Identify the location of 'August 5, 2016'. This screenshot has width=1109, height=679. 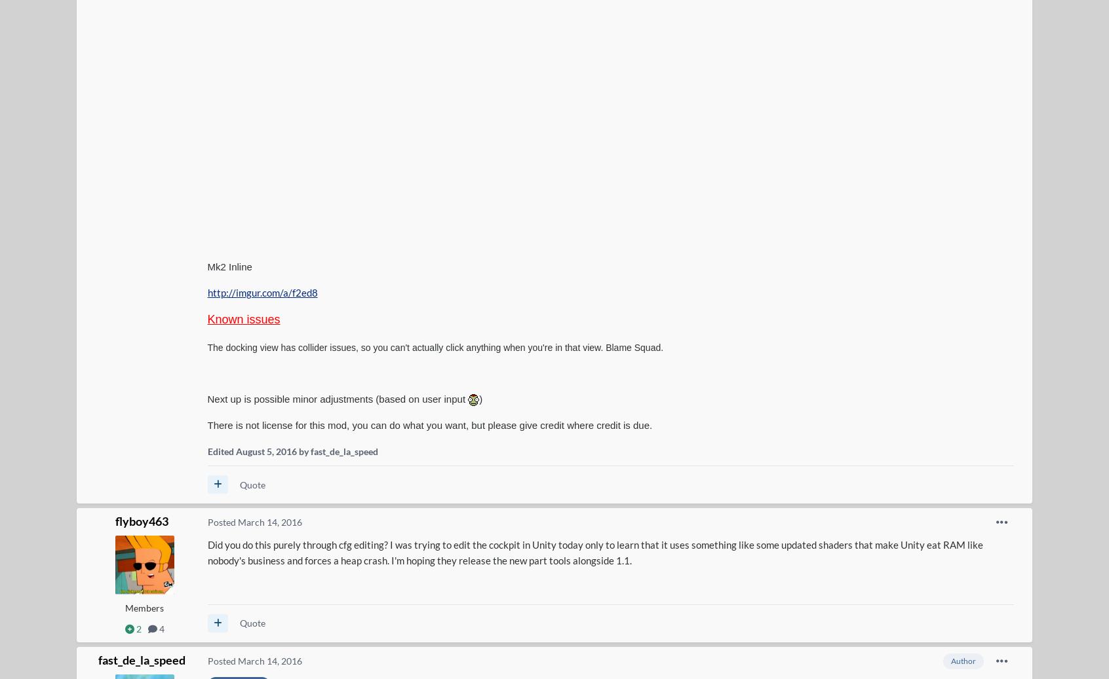
(265, 450).